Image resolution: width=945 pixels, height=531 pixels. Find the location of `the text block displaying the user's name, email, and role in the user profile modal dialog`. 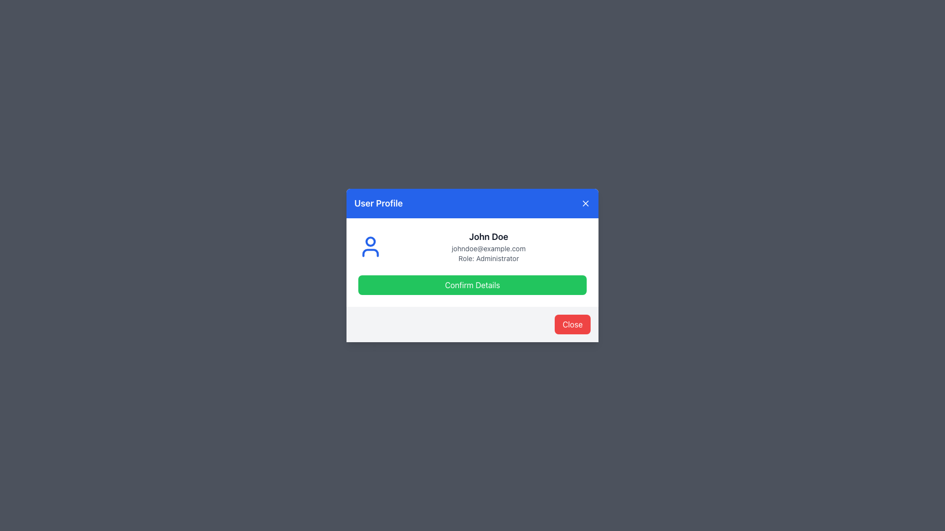

the text block displaying the user's name, email, and role in the user profile modal dialog is located at coordinates (489, 246).